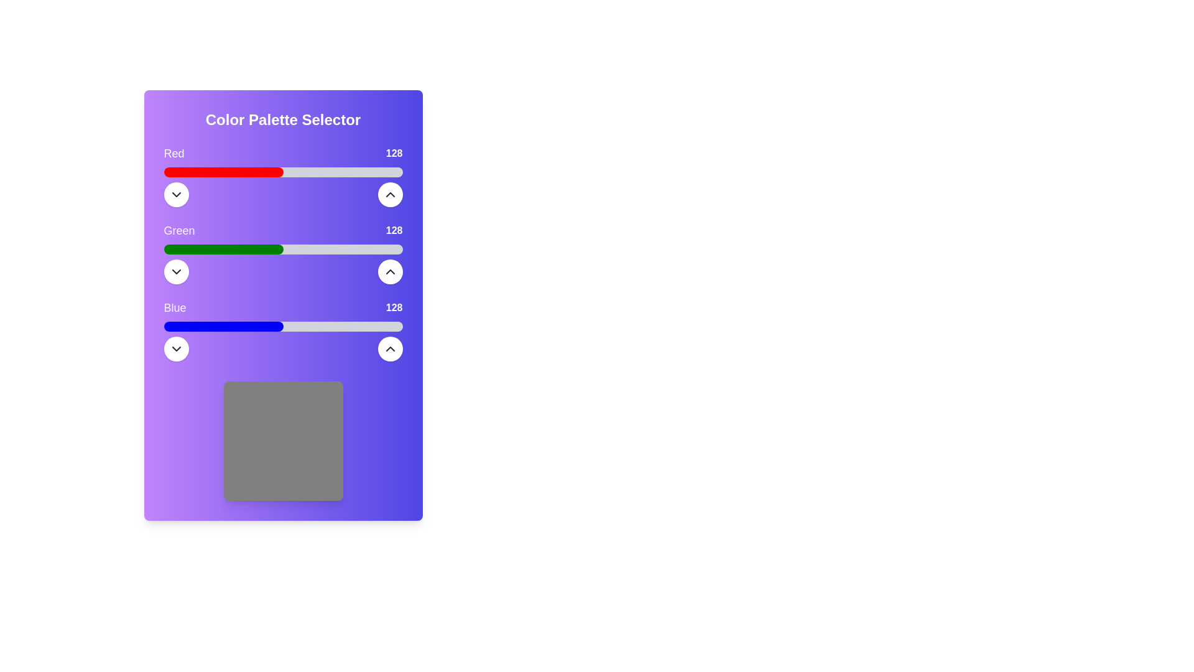 The width and height of the screenshot is (1194, 672). What do you see at coordinates (317, 172) in the screenshot?
I see `the red intensity` at bounding box center [317, 172].